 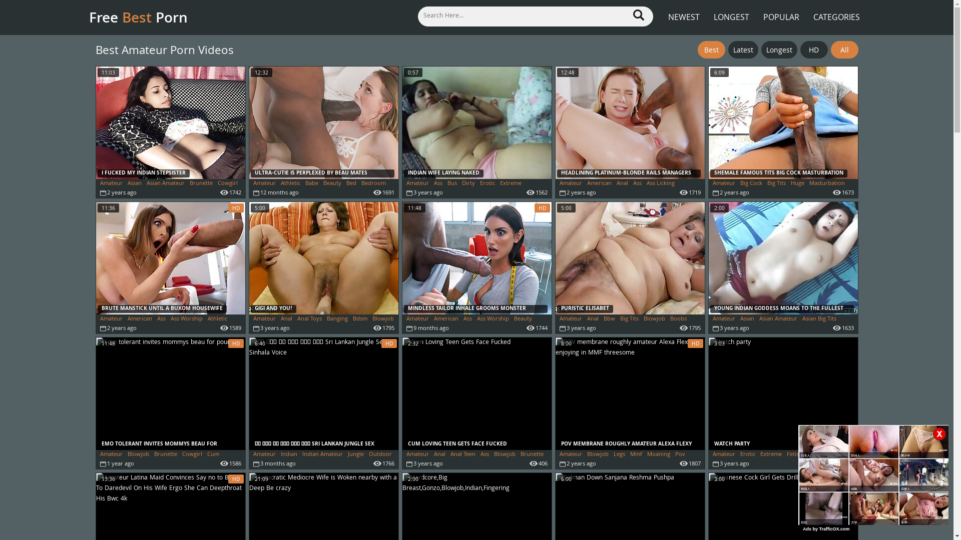 I want to click on 'Amateur', so click(x=417, y=183).